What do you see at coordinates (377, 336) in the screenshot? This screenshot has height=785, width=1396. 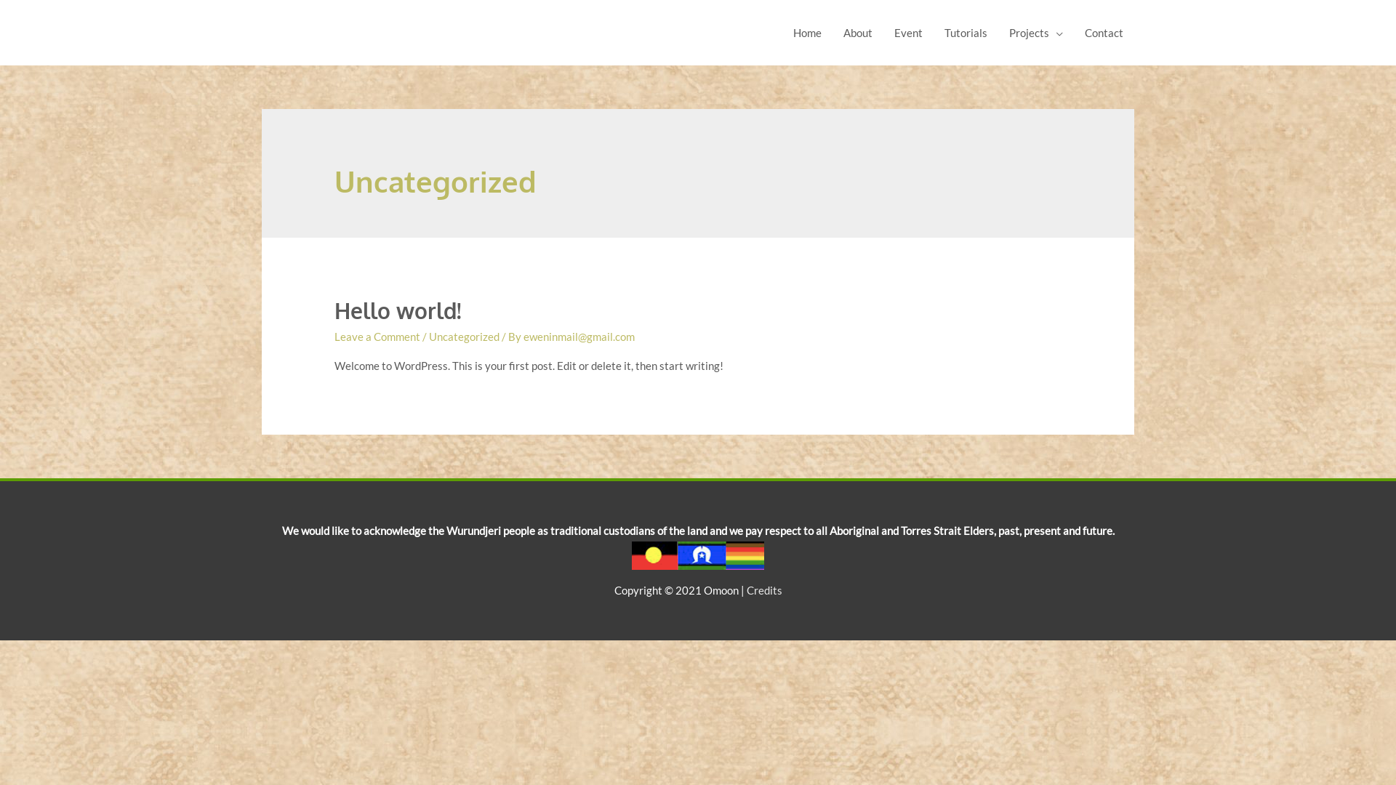 I see `'Leave a Comment'` at bounding box center [377, 336].